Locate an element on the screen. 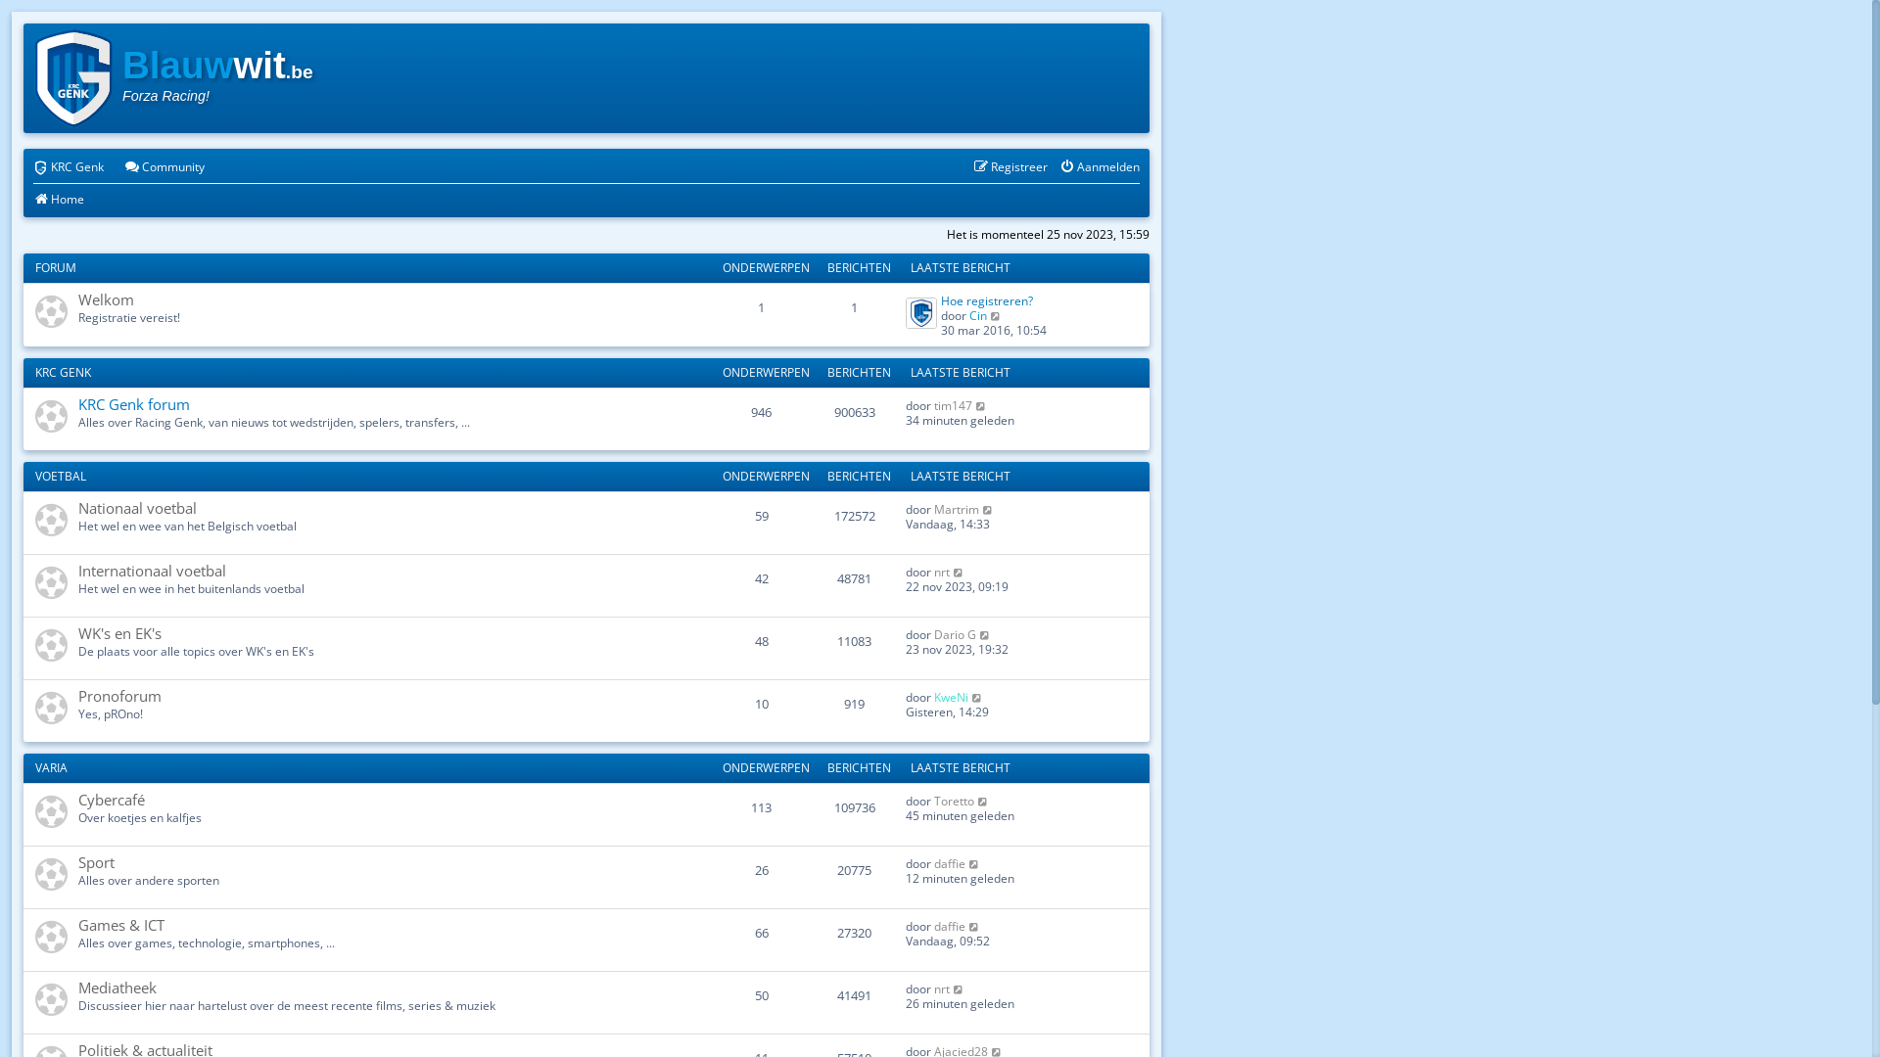 This screenshot has width=1880, height=1057. 'KRC GENK' is located at coordinates (34, 372).